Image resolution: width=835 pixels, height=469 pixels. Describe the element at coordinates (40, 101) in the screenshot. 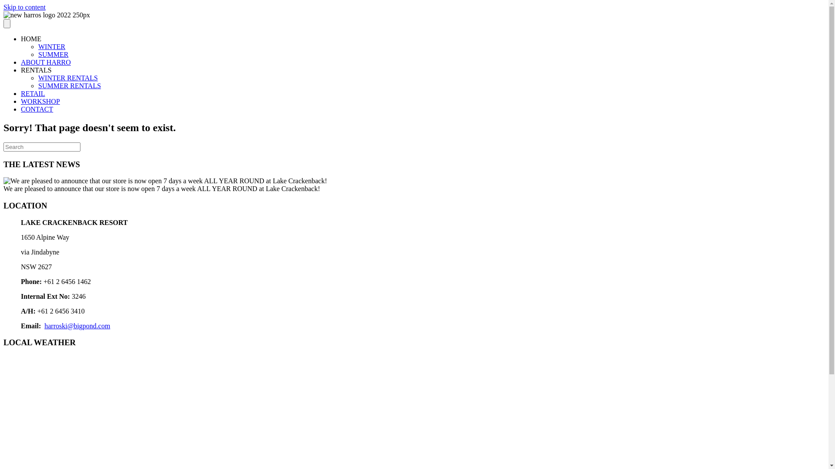

I see `'WORKSHOP'` at that location.